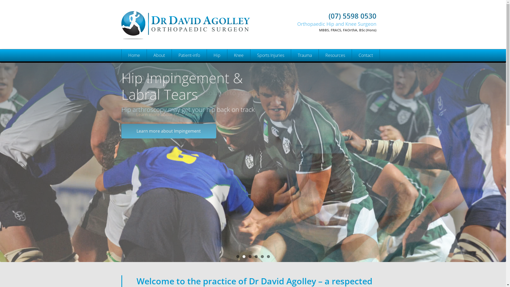  I want to click on 'Knee Preservation Surgery', so click(227, 67).